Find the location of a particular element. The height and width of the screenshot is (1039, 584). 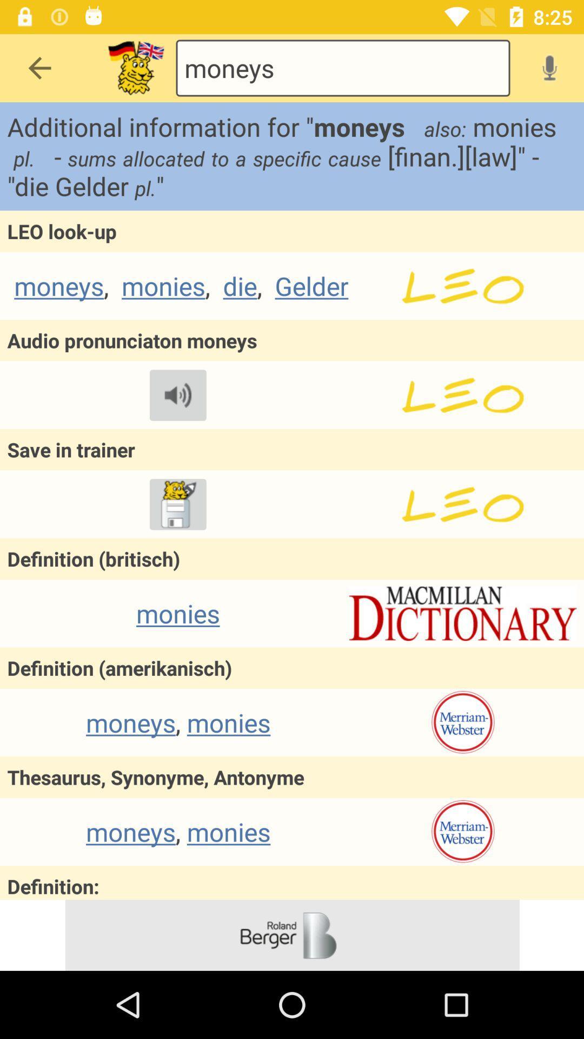

open advertisements is located at coordinates (292, 935).